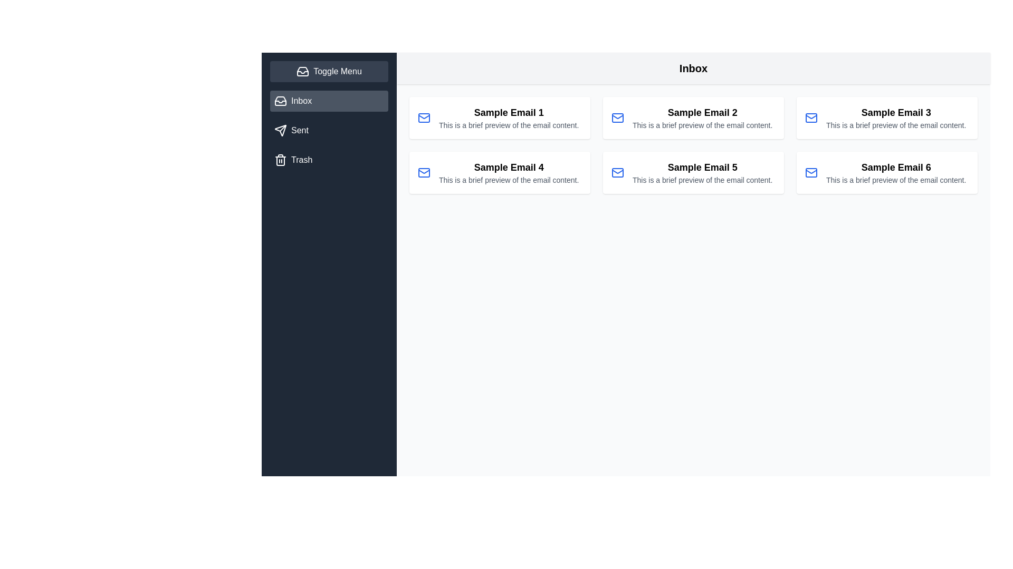 Image resolution: width=1013 pixels, height=569 pixels. Describe the element at coordinates (895, 172) in the screenshot. I see `the sixth email preview item in the 'Inbox' section` at that location.